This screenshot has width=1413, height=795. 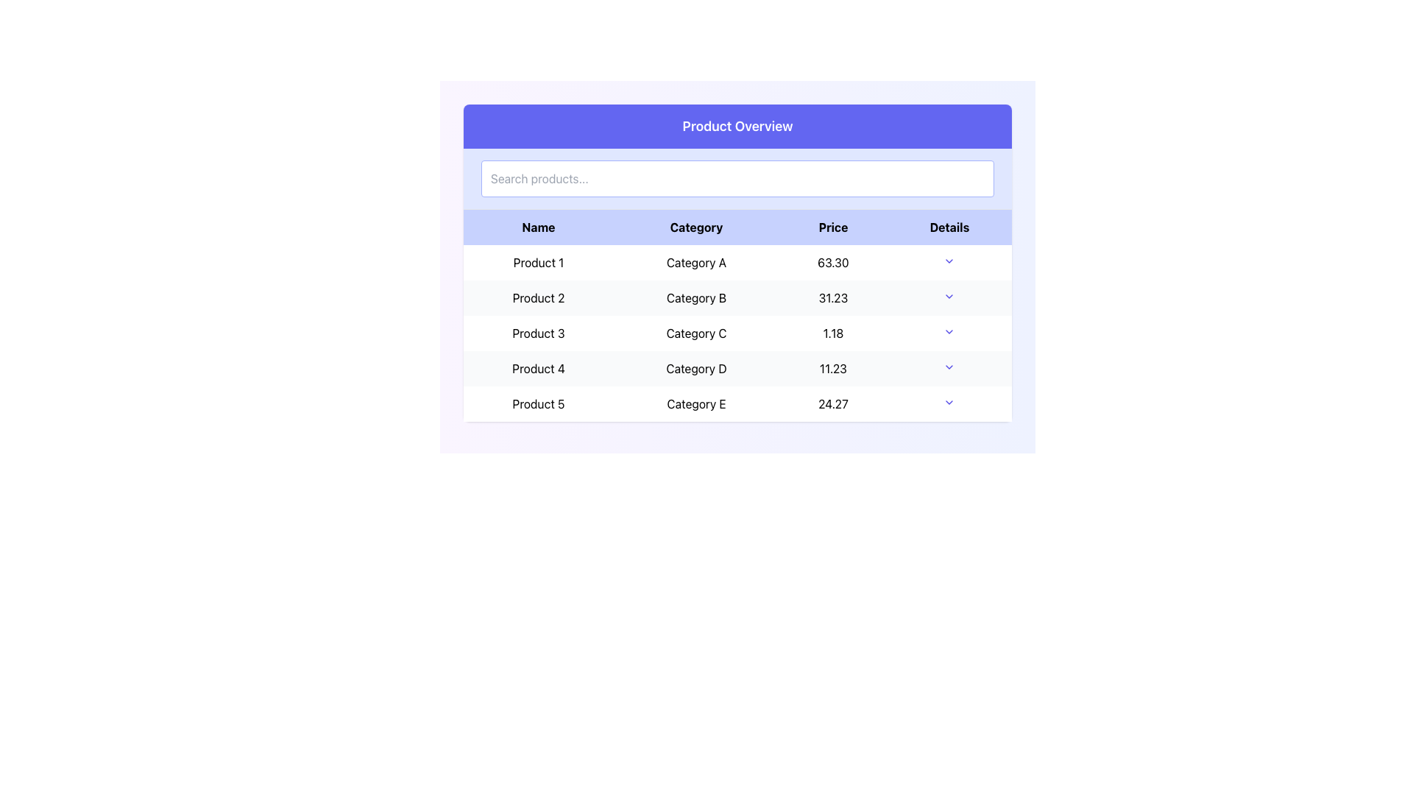 What do you see at coordinates (833, 298) in the screenshot?
I see `the text display showing the numeric value '31.23' in black text under the 'Price' column for 'Product 2'` at bounding box center [833, 298].